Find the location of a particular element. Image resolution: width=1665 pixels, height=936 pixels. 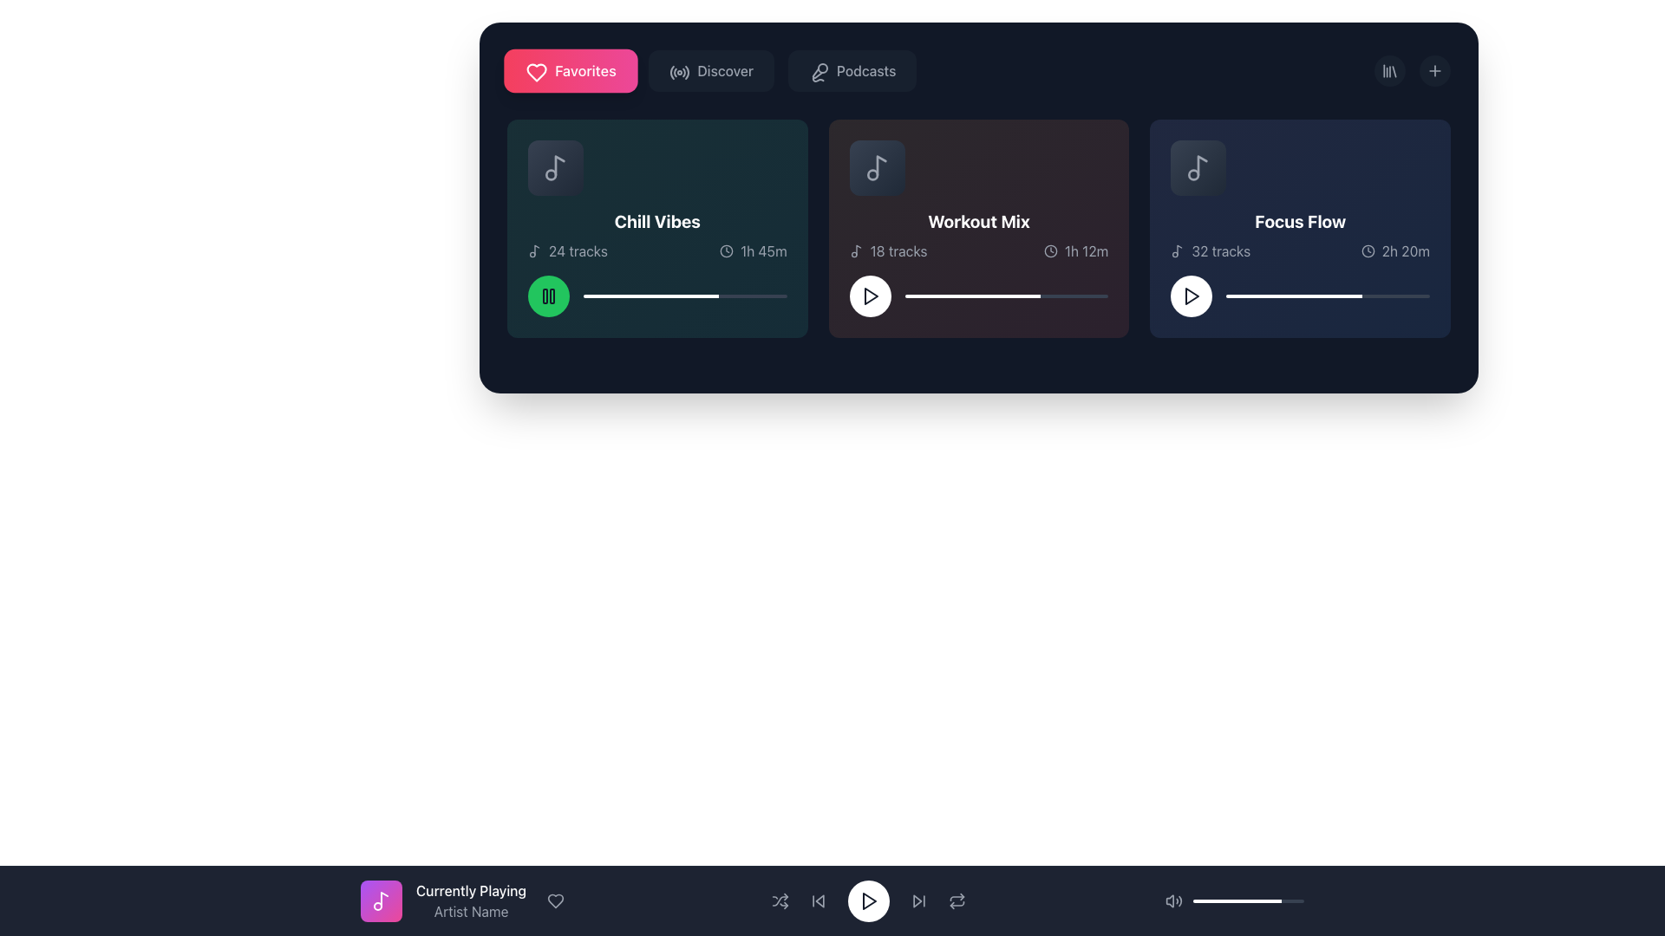

the button located in the top-right section of the central display area, which serves as a shortcut to a library or similar functionality is located at coordinates (1390, 69).